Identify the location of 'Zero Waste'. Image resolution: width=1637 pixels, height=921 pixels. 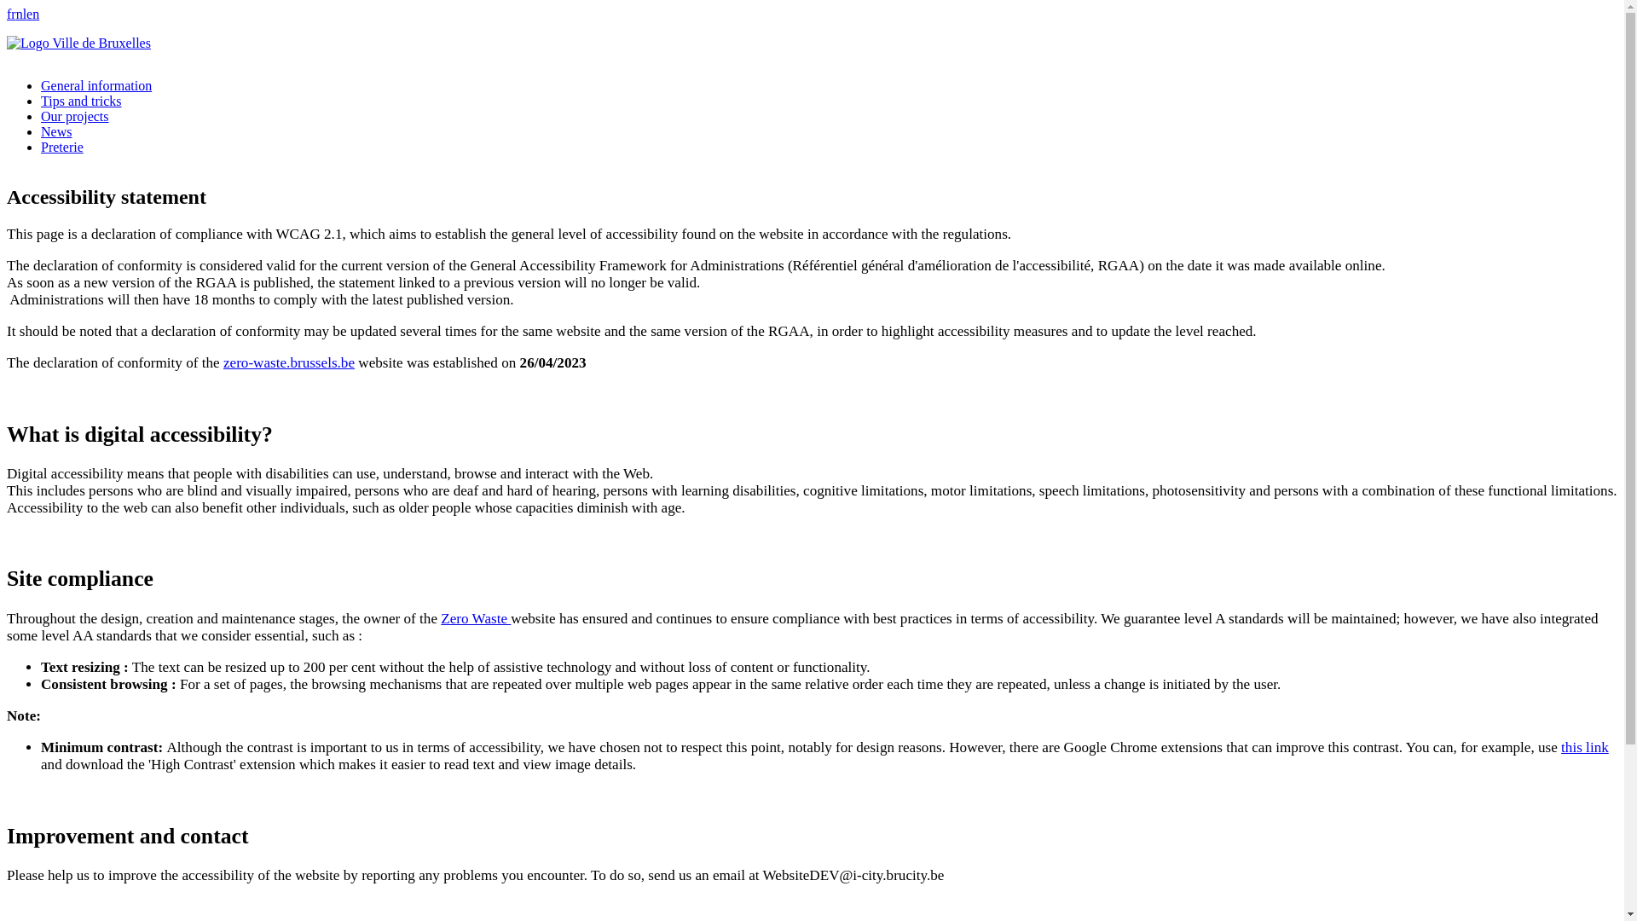
(475, 618).